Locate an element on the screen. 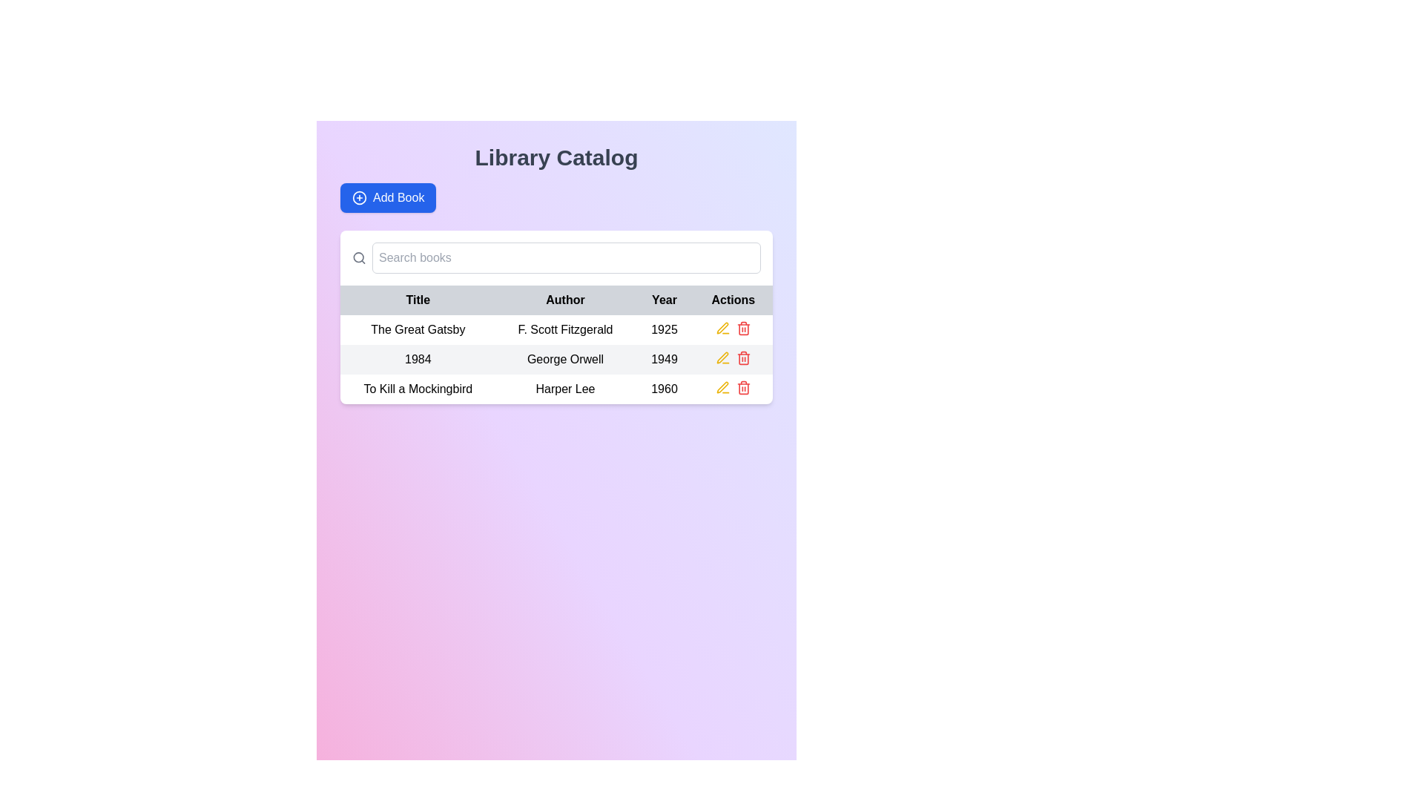 The width and height of the screenshot is (1424, 801). the action icons in the 'Actions' column for the book '1984' by George Orwell is located at coordinates (733, 357).